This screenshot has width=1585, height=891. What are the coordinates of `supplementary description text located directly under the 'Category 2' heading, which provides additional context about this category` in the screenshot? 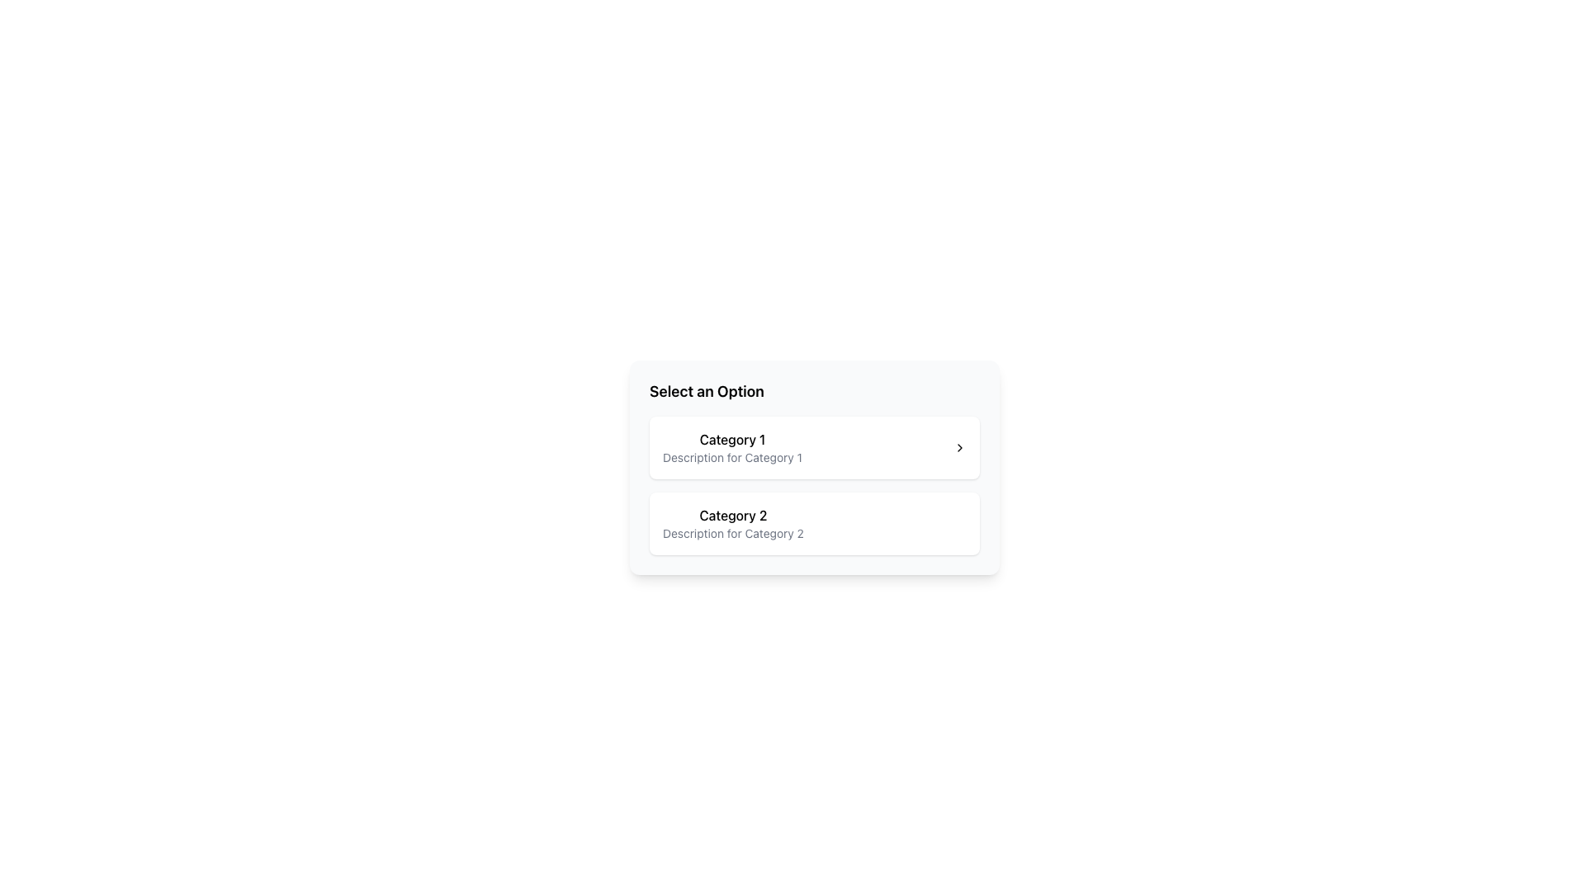 It's located at (732, 534).